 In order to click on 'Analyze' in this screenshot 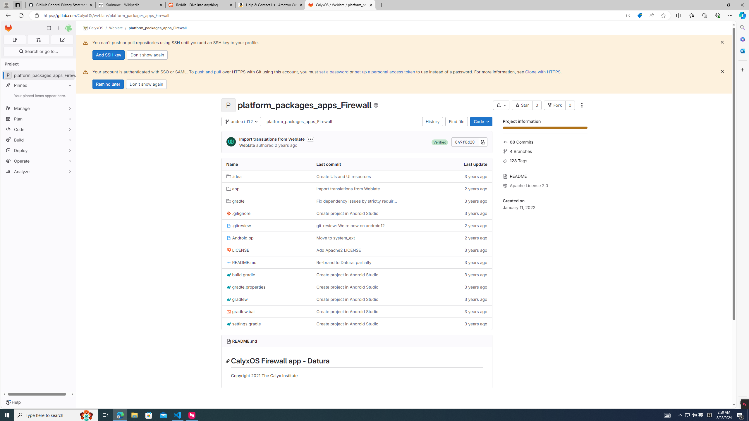, I will do `click(38, 171)`.